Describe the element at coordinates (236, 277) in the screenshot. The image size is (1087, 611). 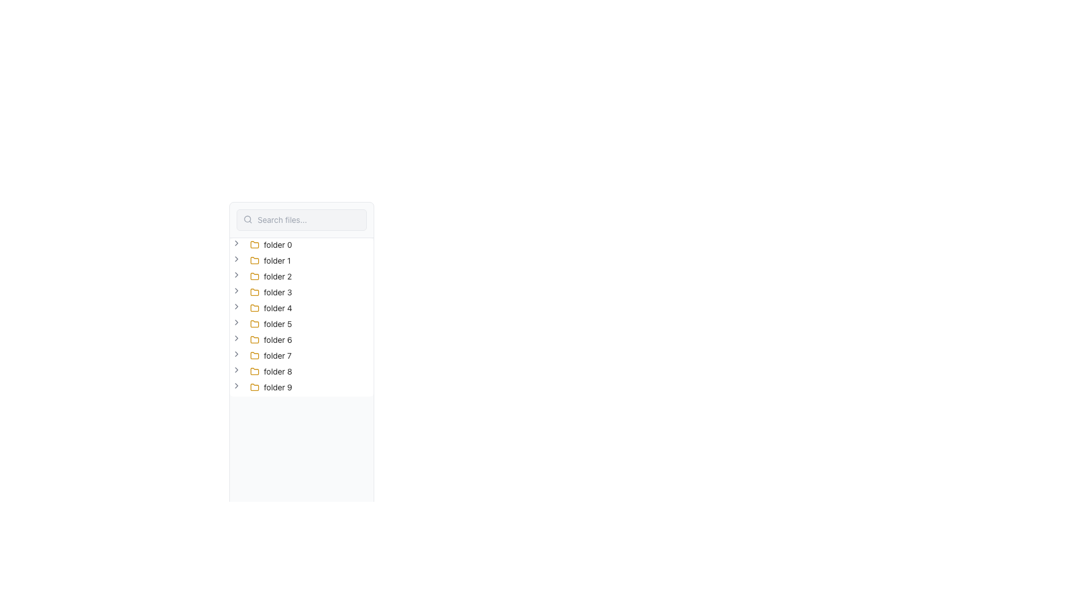
I see `the toggle control button represented by a right-facing chevron icon` at that location.